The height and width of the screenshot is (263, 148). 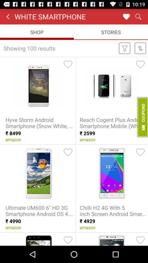 What do you see at coordinates (7, 16) in the screenshot?
I see `go back` at bounding box center [7, 16].